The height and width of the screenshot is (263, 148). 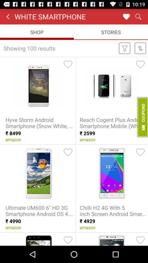 What do you see at coordinates (7, 16) in the screenshot?
I see `go back` at bounding box center [7, 16].